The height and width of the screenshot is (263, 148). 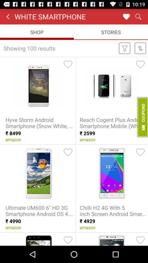 What do you see at coordinates (7, 16) in the screenshot?
I see `go back` at bounding box center [7, 16].